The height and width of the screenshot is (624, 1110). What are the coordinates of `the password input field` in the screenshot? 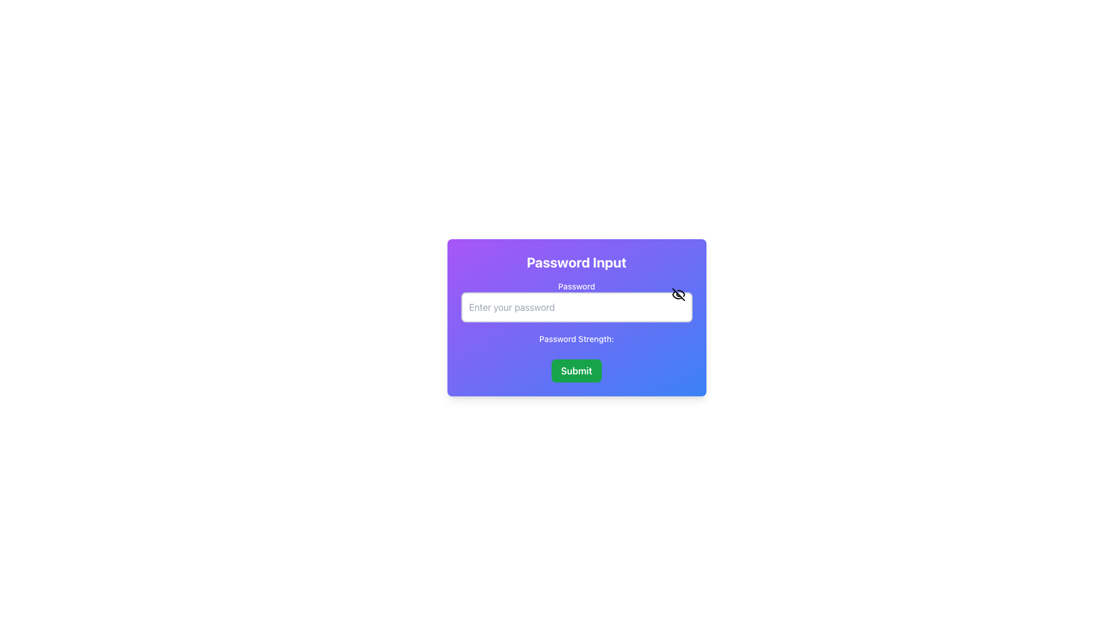 It's located at (576, 307).